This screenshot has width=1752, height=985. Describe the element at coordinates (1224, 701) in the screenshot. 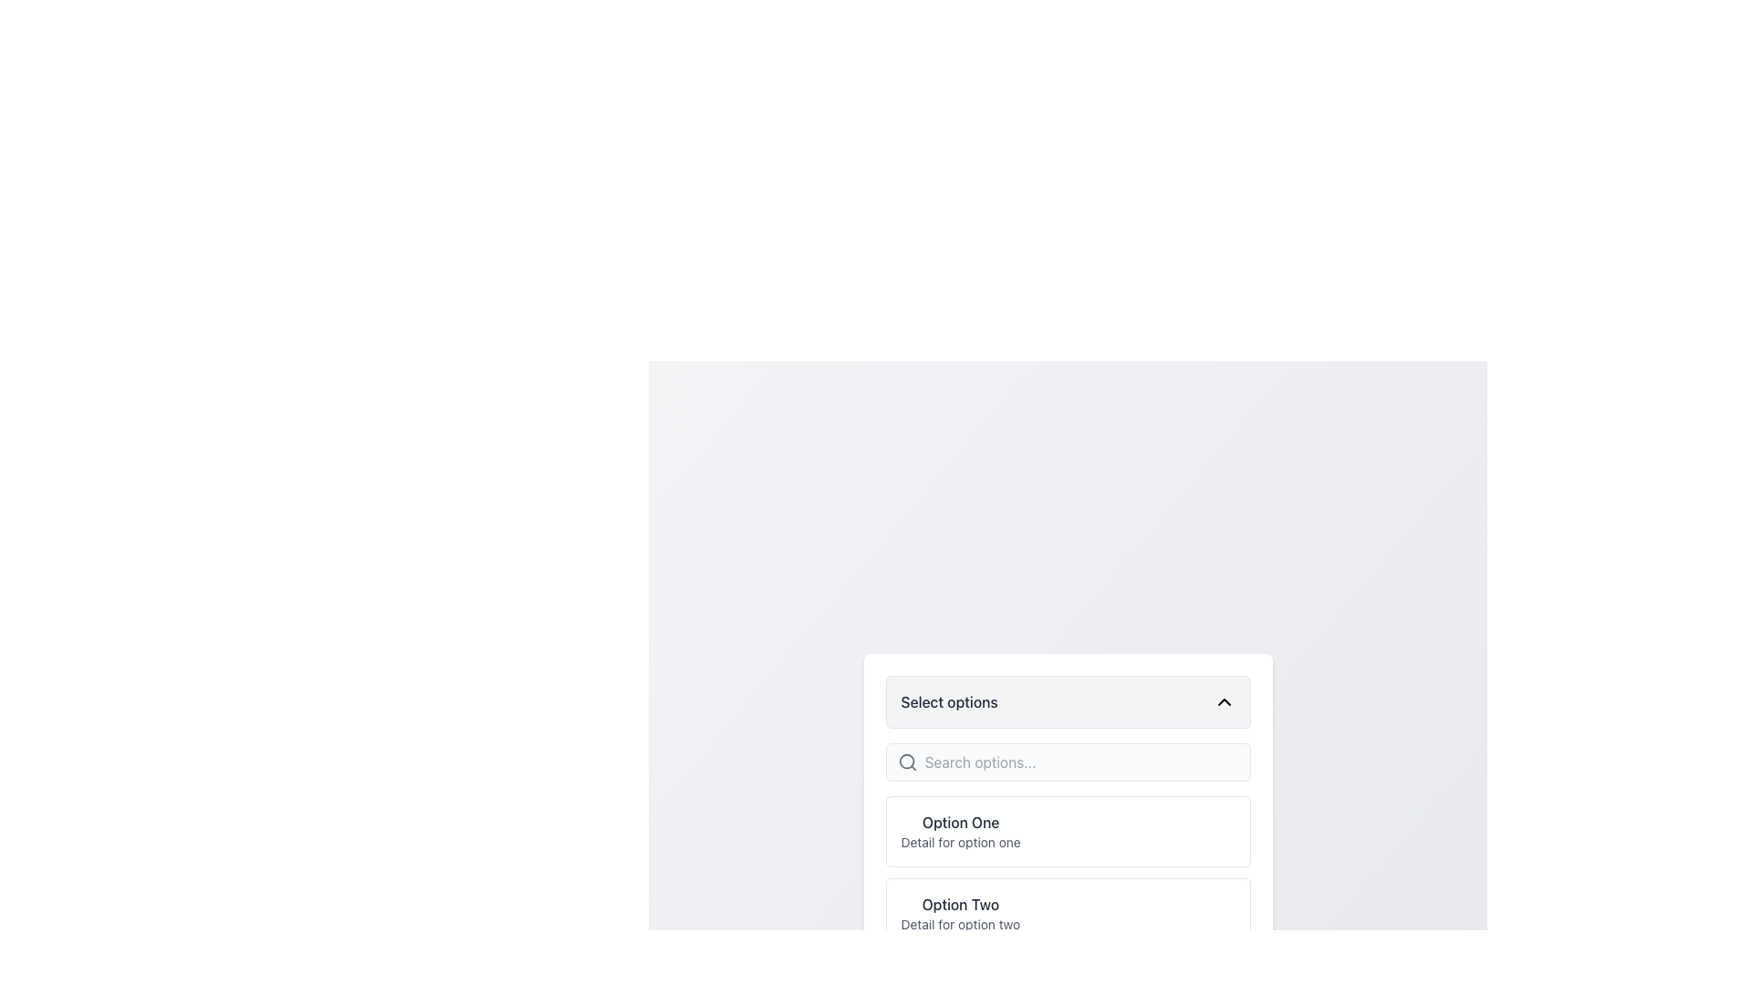

I see `the Dropdown Indicator Icon, which resembles a chevron pointing upwards and is located in the upper-right corner of the light gray dropdown menu adjacent to the label 'Select options'` at that location.